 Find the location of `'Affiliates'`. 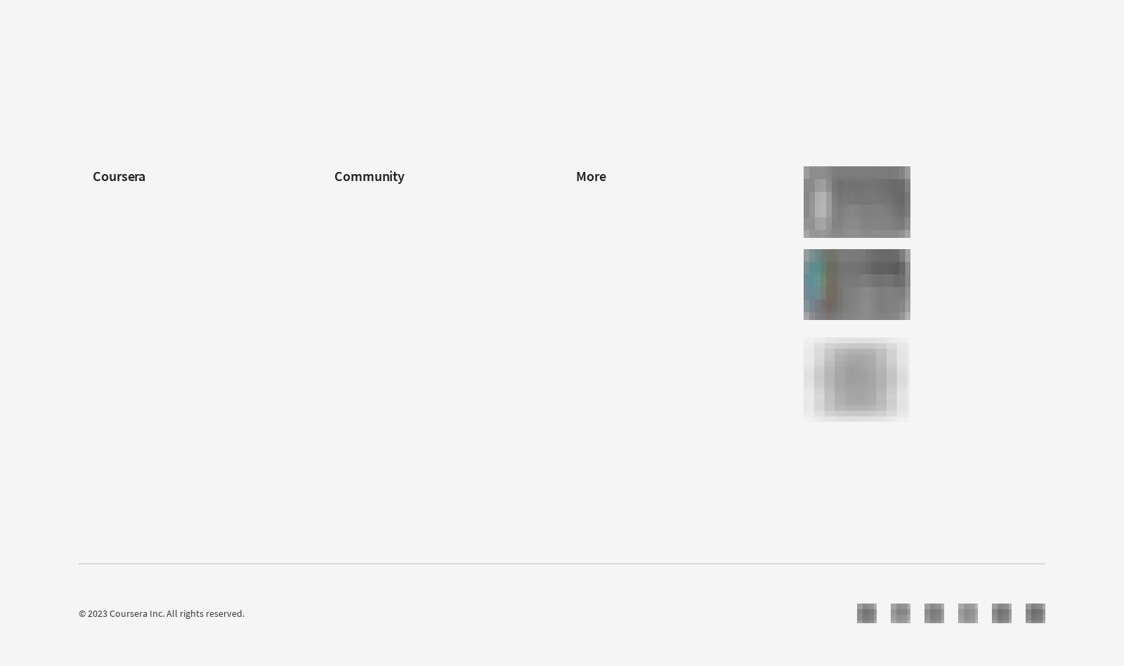

'Affiliates' is located at coordinates (593, 389).